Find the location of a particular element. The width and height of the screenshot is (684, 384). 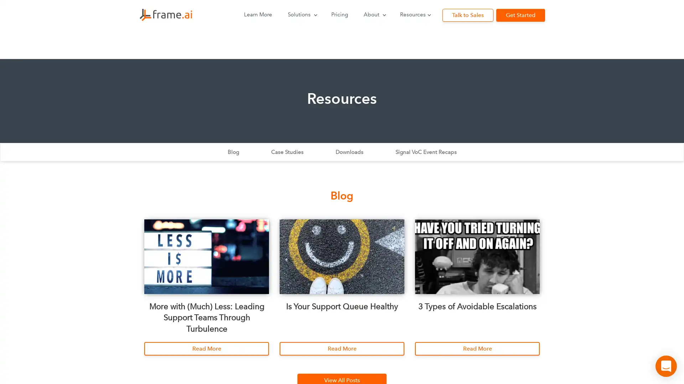

Read More is located at coordinates (206, 348).